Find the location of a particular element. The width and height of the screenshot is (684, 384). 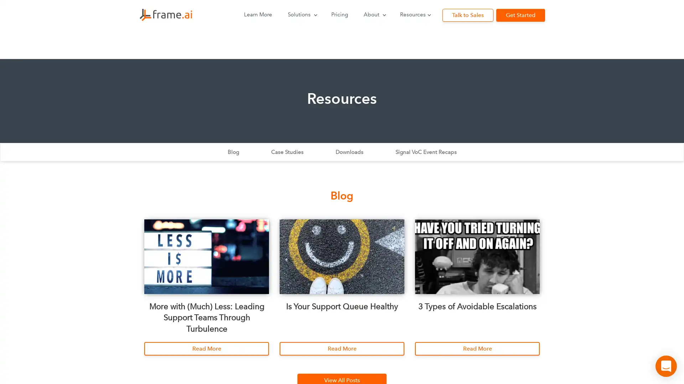

Read More is located at coordinates (206, 348).